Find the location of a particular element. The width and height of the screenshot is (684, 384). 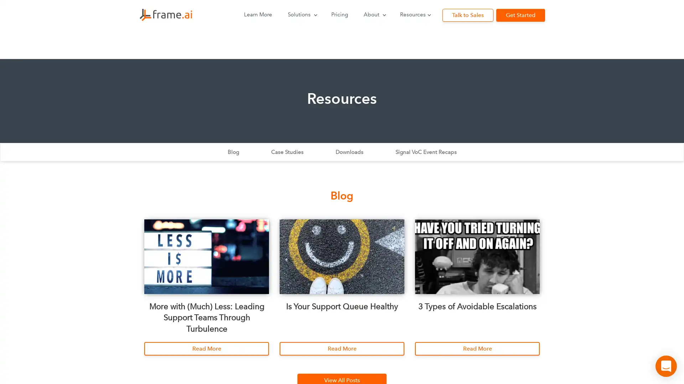

Read More is located at coordinates (206, 348).